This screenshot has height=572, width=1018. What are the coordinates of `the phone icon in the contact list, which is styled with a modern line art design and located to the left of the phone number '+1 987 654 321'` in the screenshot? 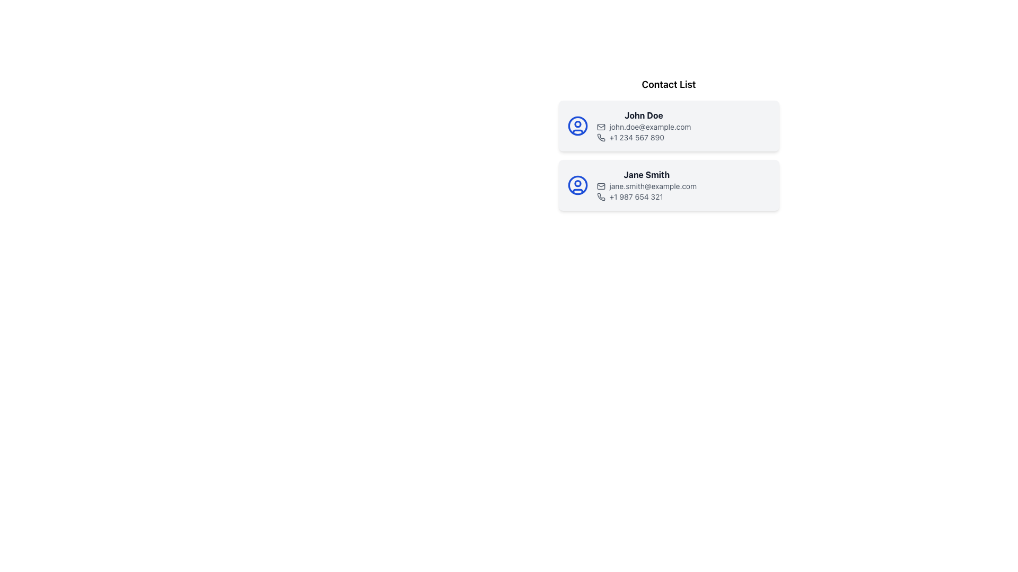 It's located at (601, 196).